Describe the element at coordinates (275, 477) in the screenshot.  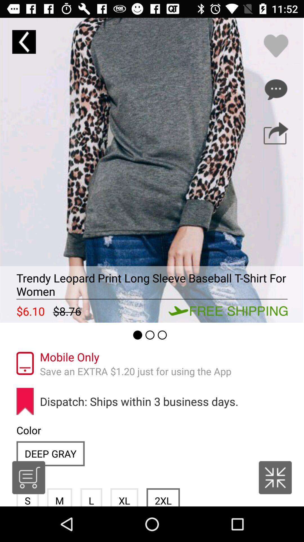
I see `the icon at the bottom right corner` at that location.